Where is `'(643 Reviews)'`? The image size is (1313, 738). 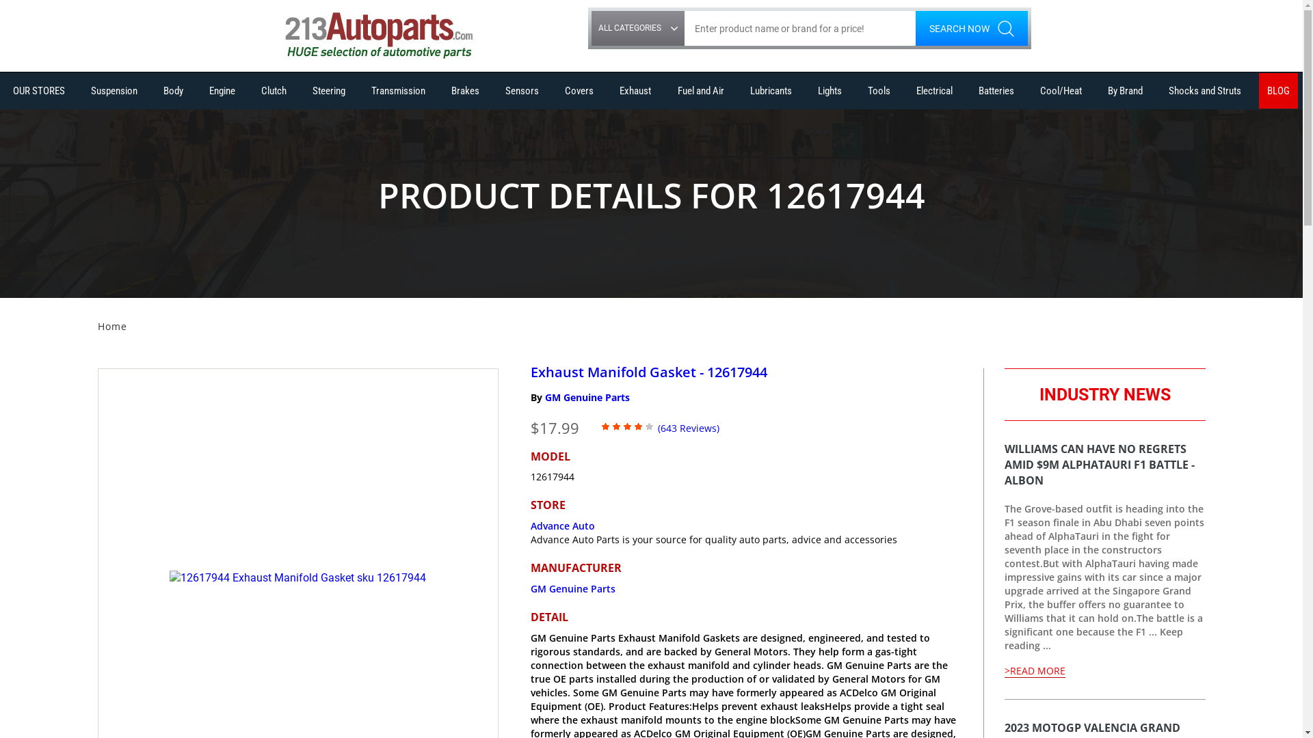
'(643 Reviews)' is located at coordinates (689, 426).